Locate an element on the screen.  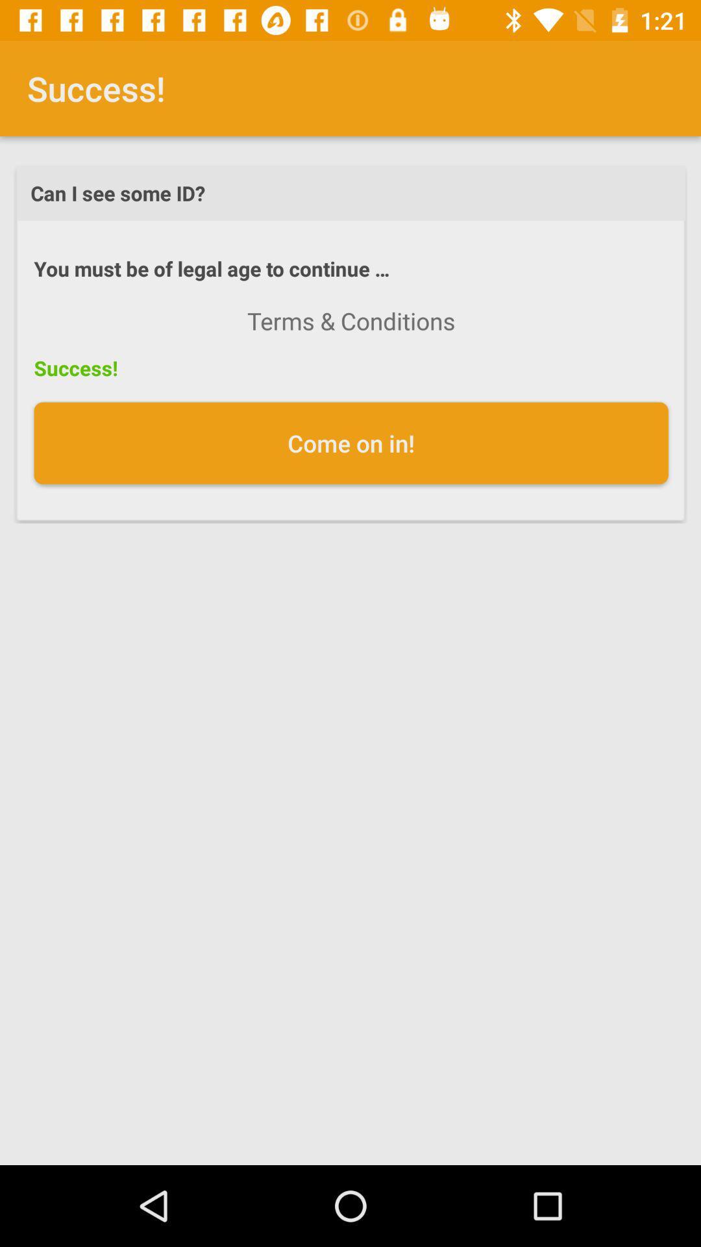
the item below the you must be icon is located at coordinates (351, 321).